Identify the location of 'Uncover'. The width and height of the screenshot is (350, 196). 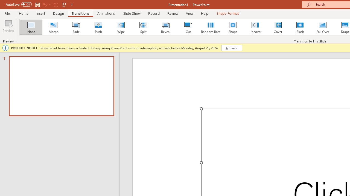
(255, 27).